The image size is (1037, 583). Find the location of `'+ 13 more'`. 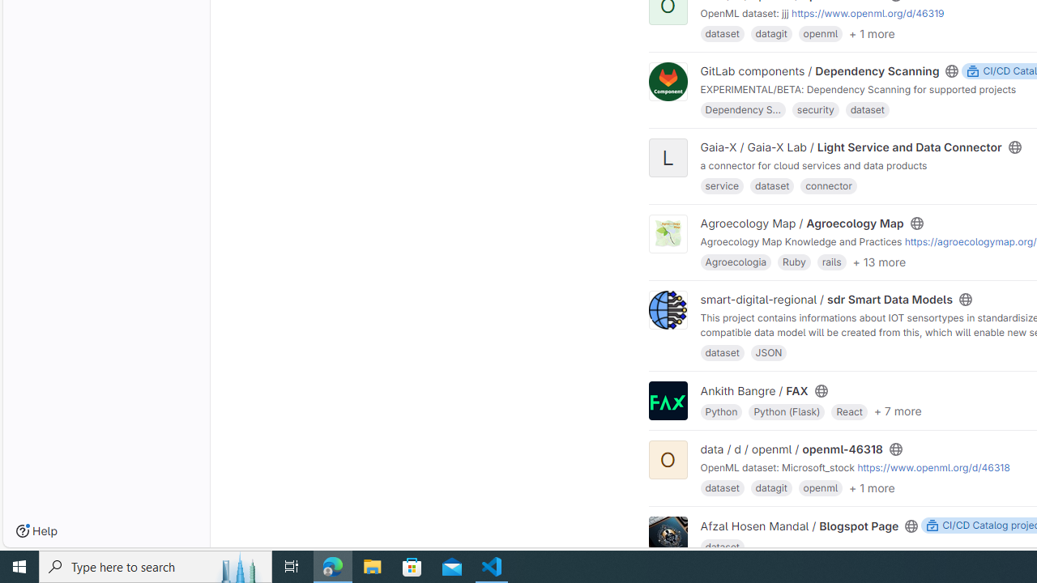

'+ 13 more' is located at coordinates (878, 260).